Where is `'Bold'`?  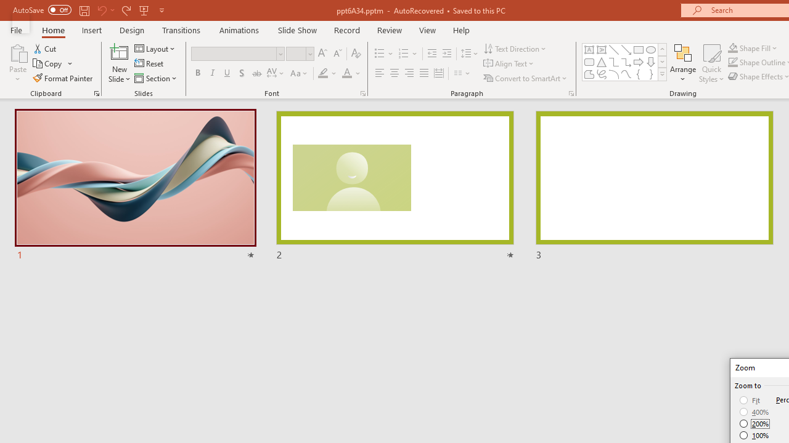 'Bold' is located at coordinates (197, 73).